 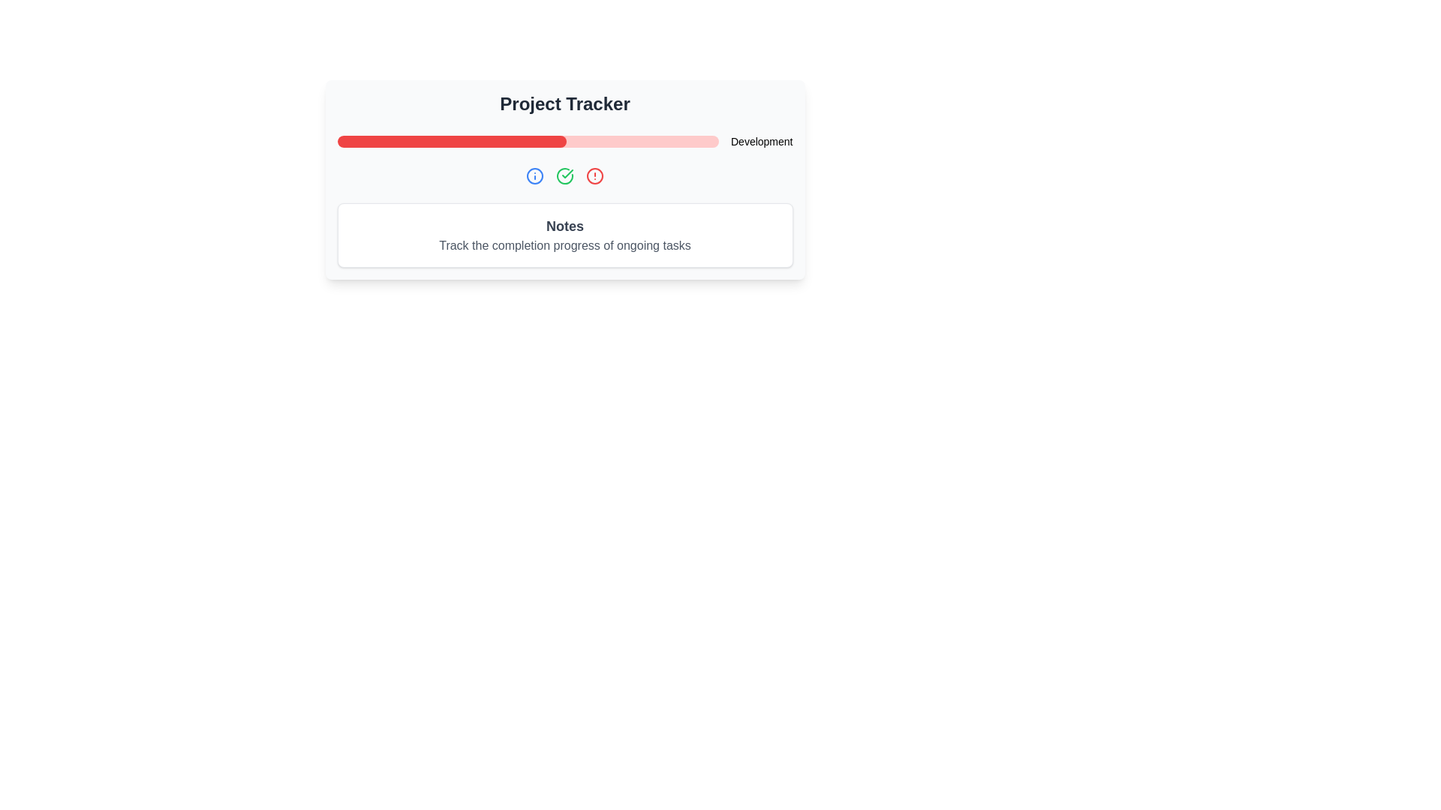 I want to click on the leftmost circular icon with a blue stroke and information symbol located below the progress bar, so click(x=535, y=175).